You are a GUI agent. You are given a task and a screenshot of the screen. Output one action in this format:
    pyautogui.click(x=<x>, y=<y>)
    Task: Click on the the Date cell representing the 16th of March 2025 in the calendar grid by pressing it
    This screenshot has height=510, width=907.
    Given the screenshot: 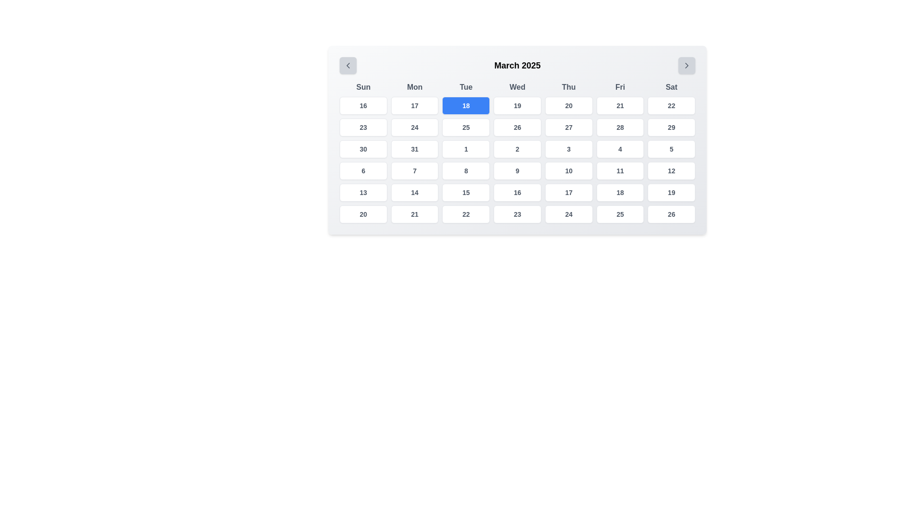 What is the action you would take?
    pyautogui.click(x=517, y=192)
    